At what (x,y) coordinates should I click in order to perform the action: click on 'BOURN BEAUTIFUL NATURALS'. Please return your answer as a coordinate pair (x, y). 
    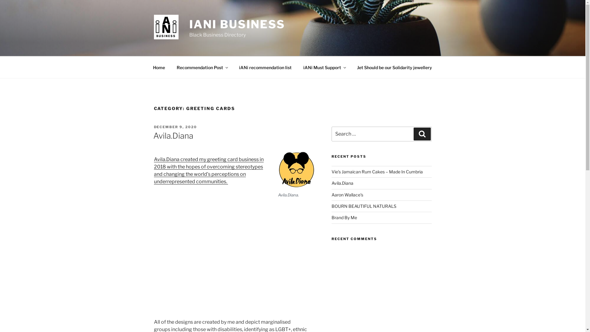
    Looking at the image, I should click on (364, 206).